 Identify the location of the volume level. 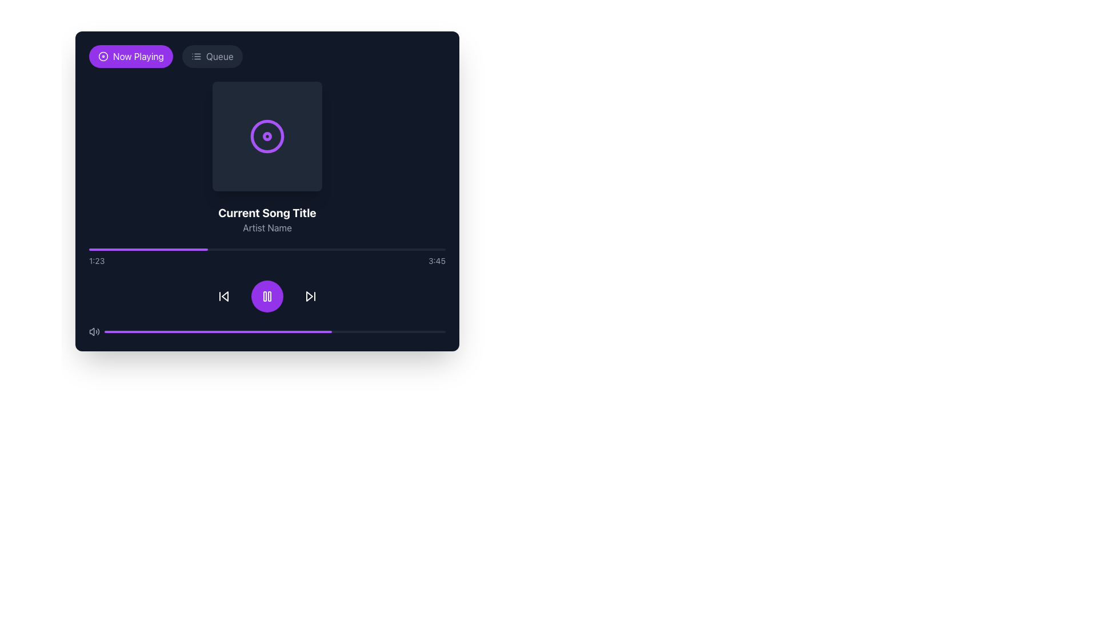
(418, 332).